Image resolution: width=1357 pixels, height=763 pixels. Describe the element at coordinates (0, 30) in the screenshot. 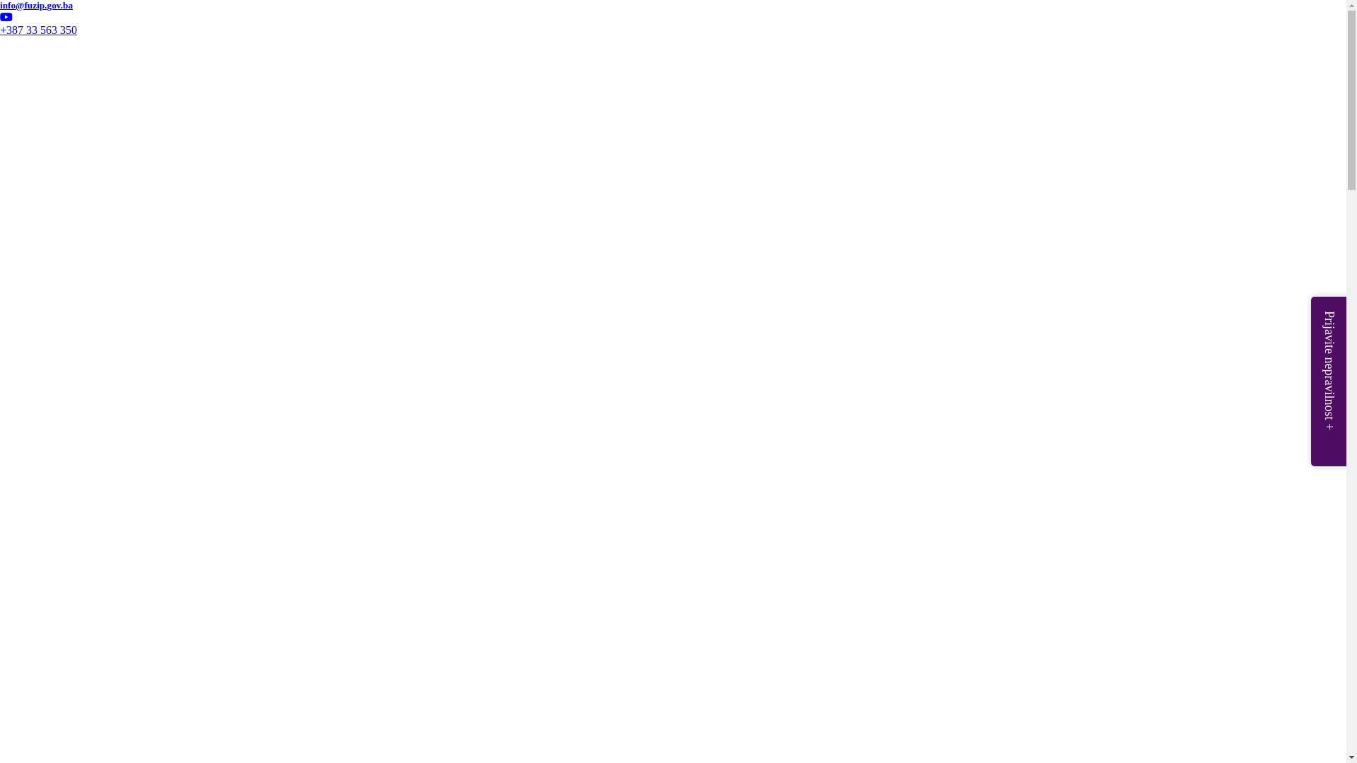

I see `'+387 33 563 350'` at that location.